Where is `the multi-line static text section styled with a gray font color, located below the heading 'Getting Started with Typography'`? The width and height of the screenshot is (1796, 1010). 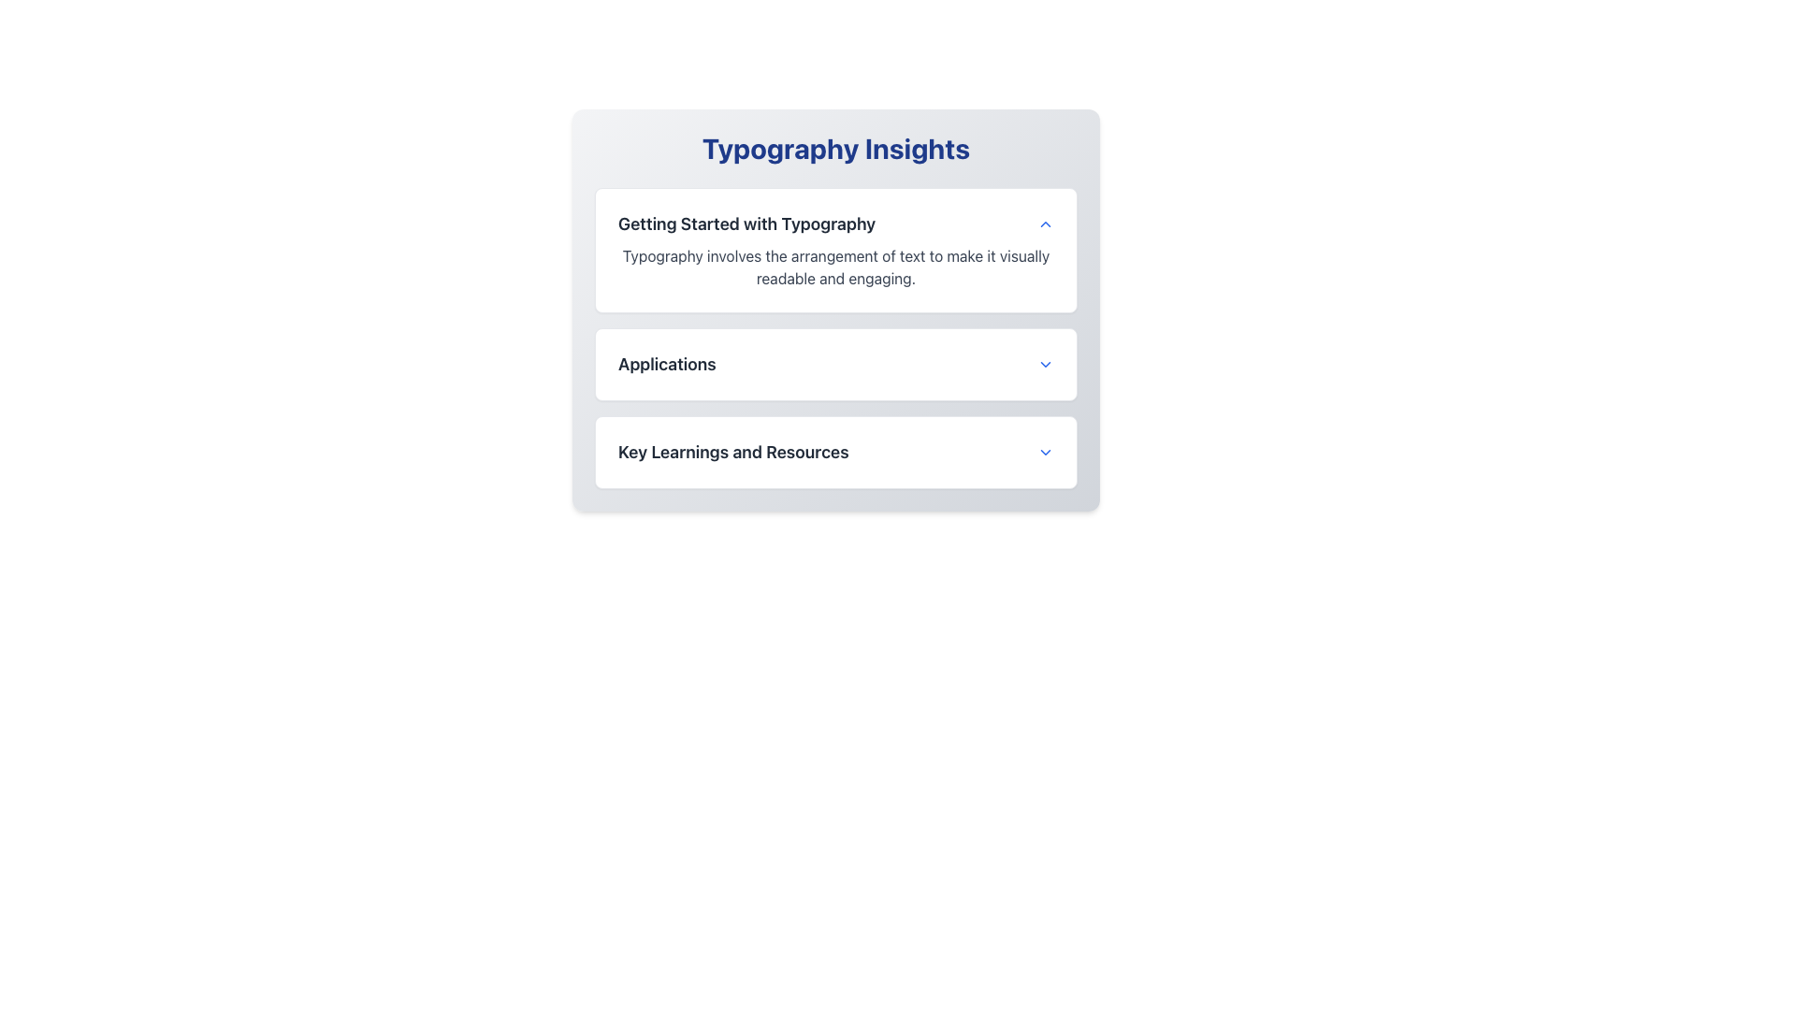 the multi-line static text section styled with a gray font color, located below the heading 'Getting Started with Typography' is located at coordinates (834, 267).